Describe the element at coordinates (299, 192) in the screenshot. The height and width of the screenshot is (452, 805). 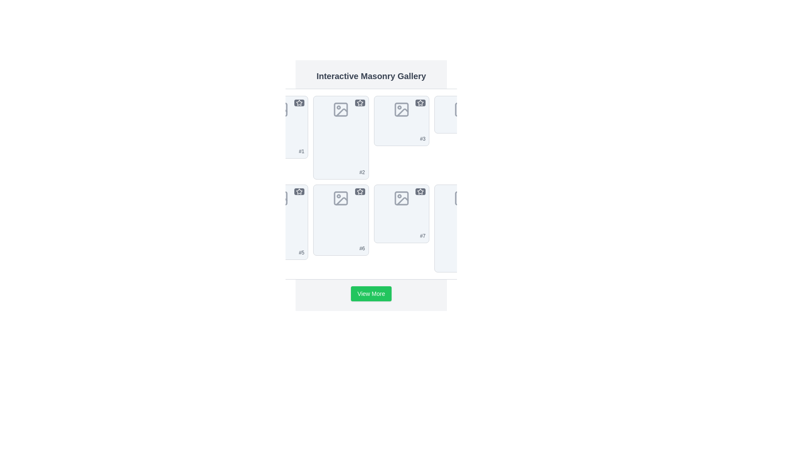
I see `the star icon button with a hollow outline located in the top-right corner of card '#5'` at that location.